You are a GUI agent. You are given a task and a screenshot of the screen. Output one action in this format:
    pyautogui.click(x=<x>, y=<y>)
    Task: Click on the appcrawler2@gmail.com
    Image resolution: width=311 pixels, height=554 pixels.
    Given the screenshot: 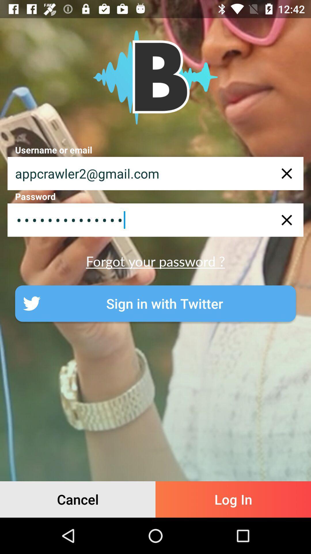 What is the action you would take?
    pyautogui.click(x=155, y=173)
    